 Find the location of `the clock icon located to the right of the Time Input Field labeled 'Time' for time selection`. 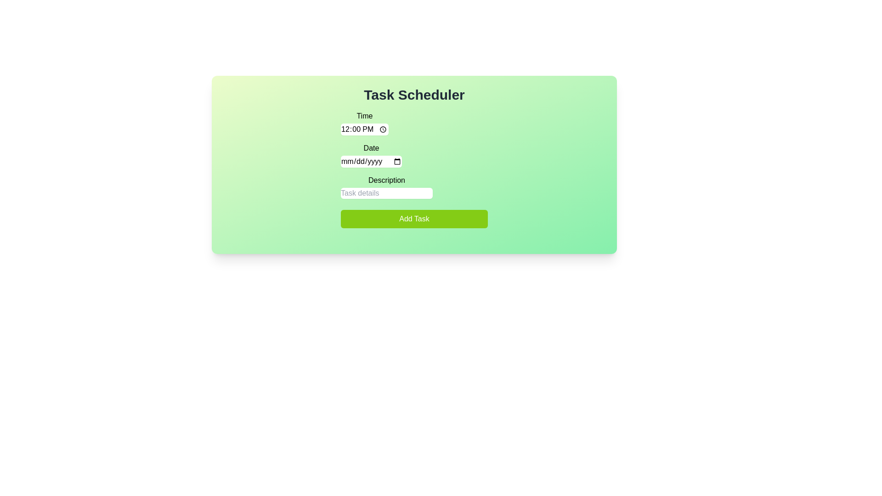

the clock icon located to the right of the Time Input Field labeled 'Time' for time selection is located at coordinates (364, 122).